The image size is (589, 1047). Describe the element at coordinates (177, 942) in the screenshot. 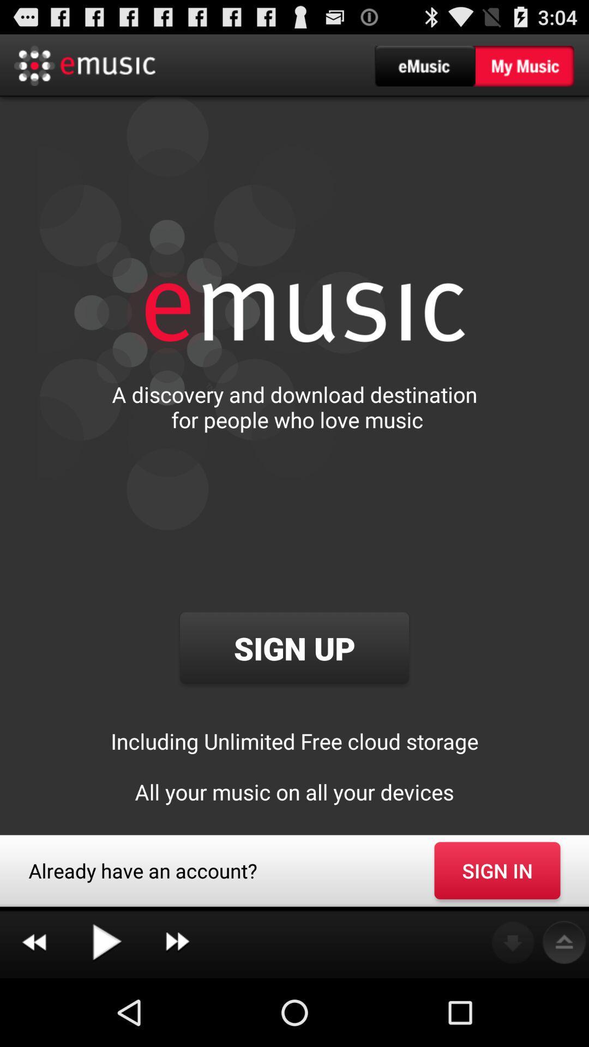

I see `the icon below already have an icon` at that location.